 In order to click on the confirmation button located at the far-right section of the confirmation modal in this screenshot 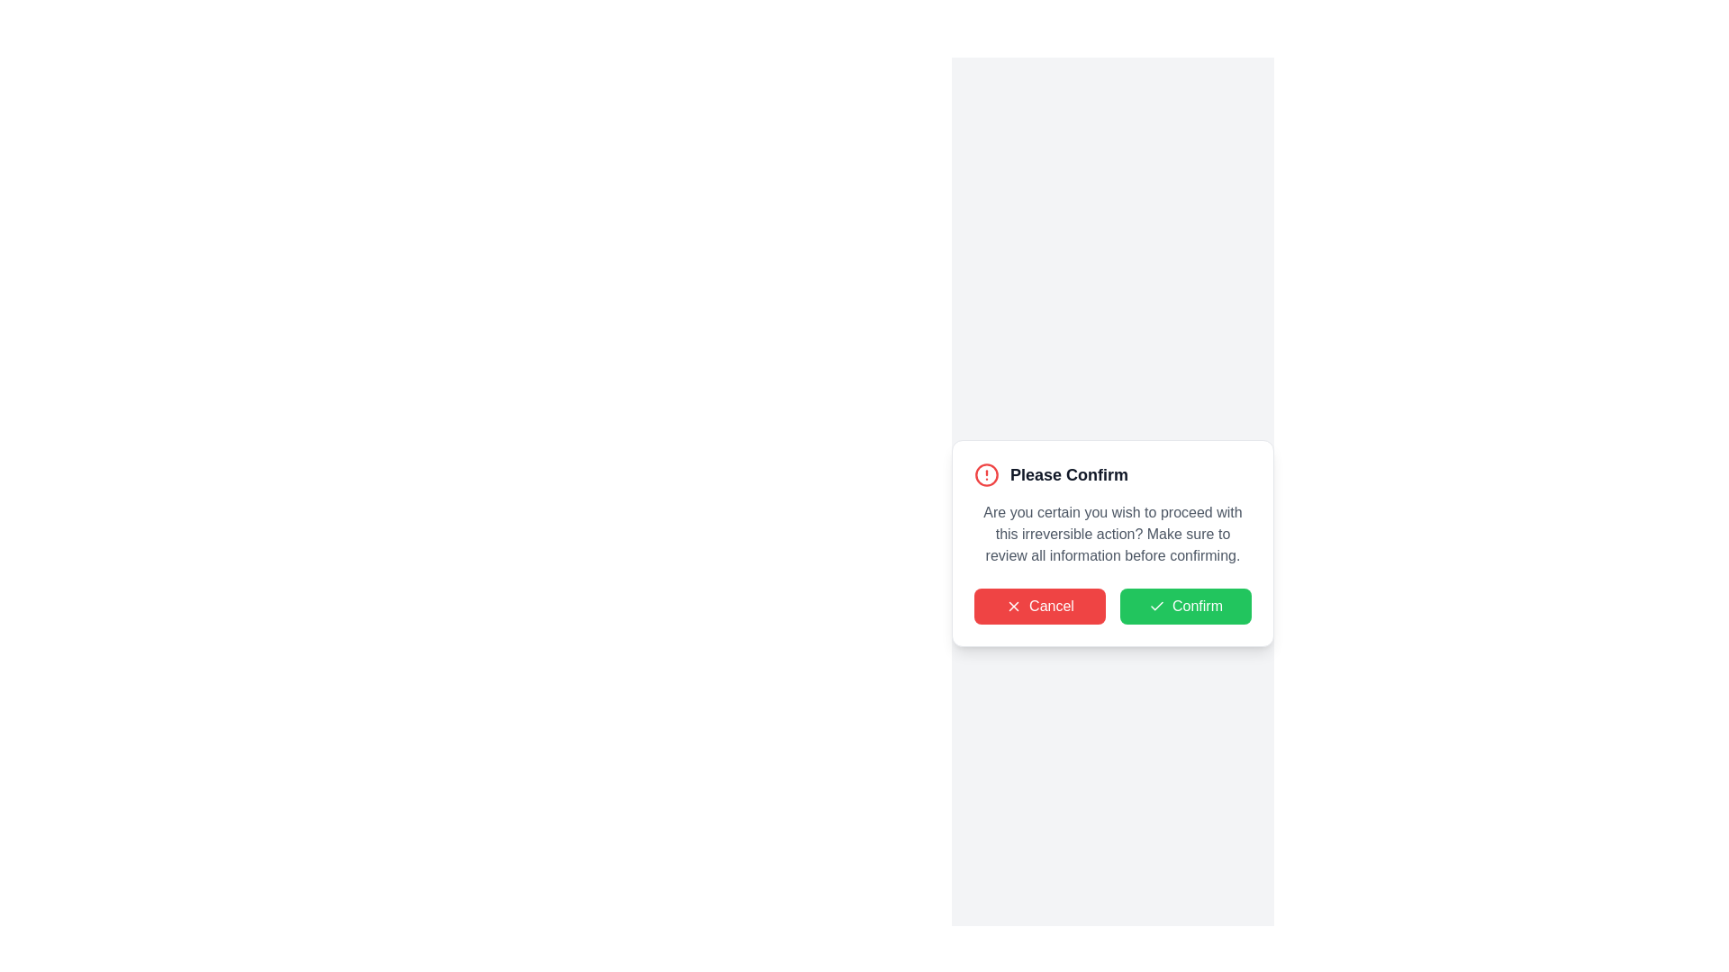, I will do `click(1185, 607)`.